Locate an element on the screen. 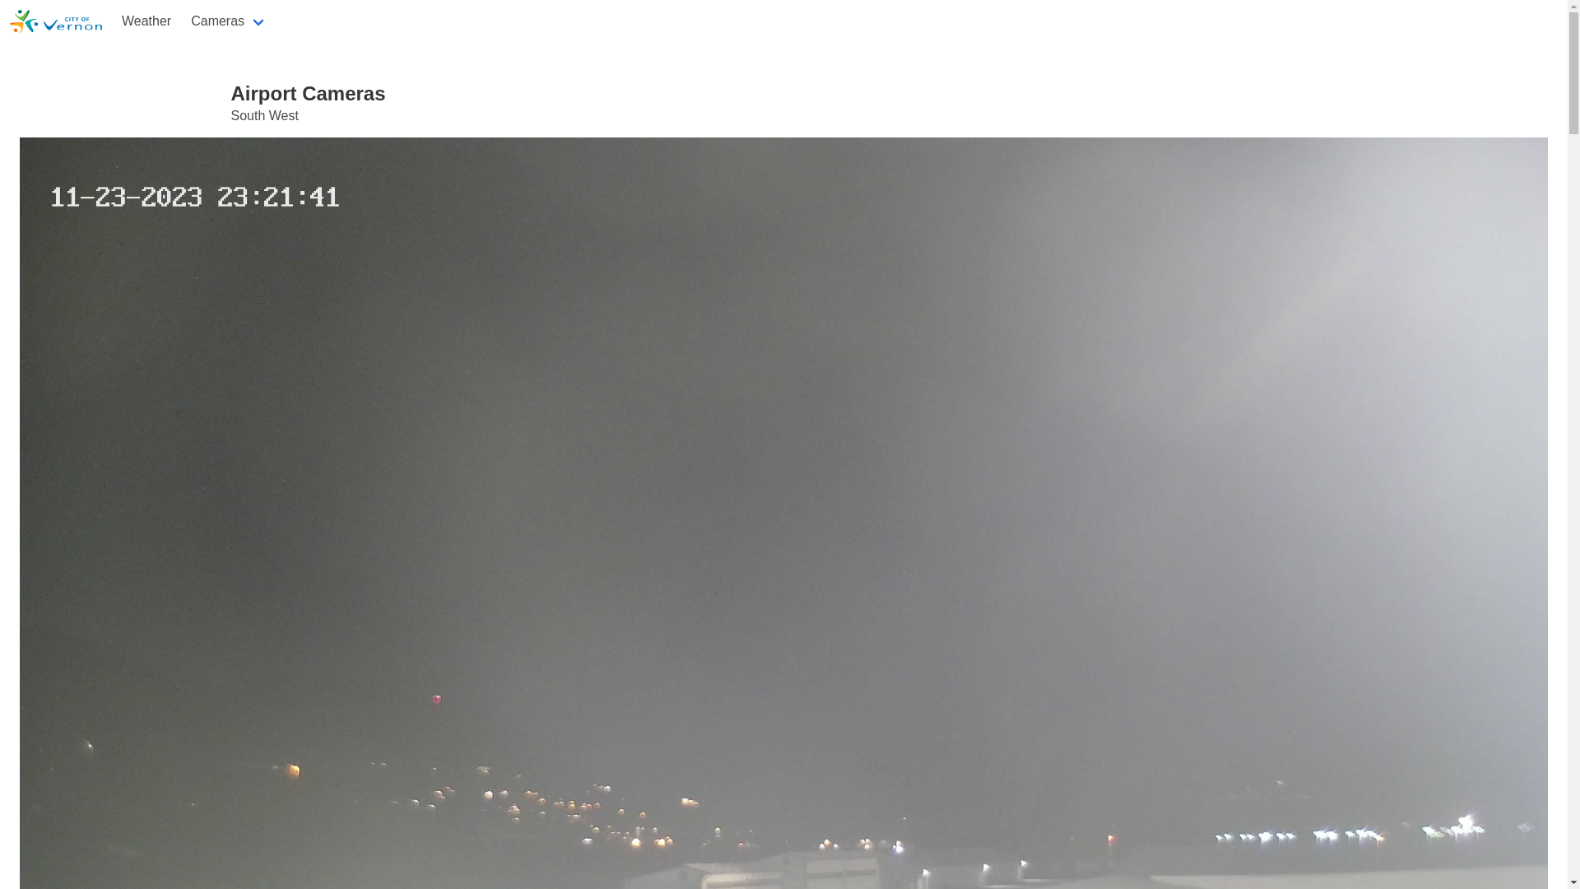 The image size is (1580, 889). 'Cameras' is located at coordinates (228, 21).